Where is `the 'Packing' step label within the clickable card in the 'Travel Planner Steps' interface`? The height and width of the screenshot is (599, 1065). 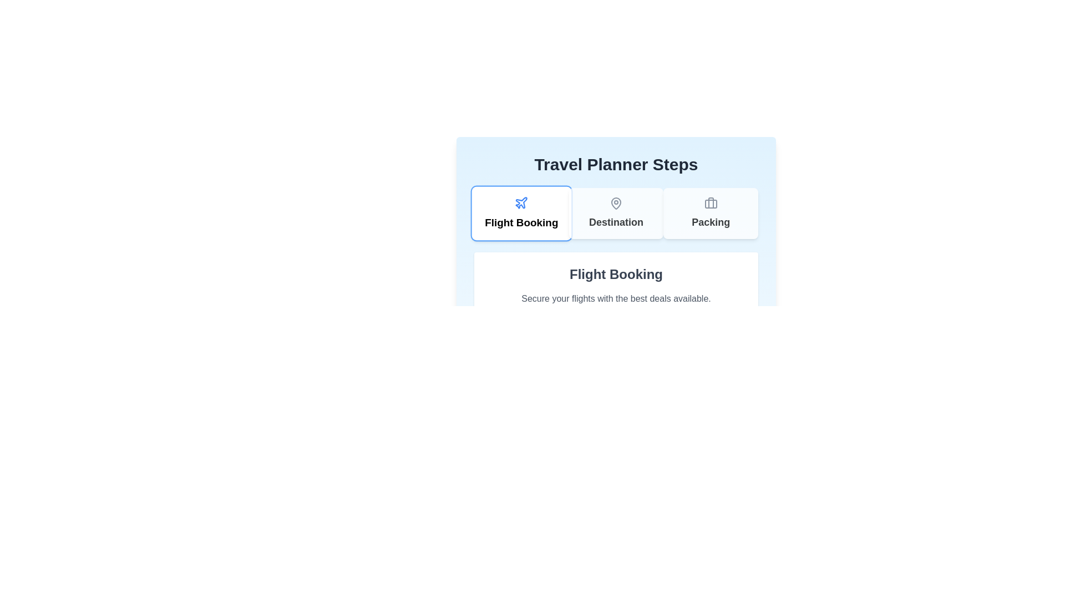
the 'Packing' step label within the clickable card in the 'Travel Planner Steps' interface is located at coordinates (711, 222).